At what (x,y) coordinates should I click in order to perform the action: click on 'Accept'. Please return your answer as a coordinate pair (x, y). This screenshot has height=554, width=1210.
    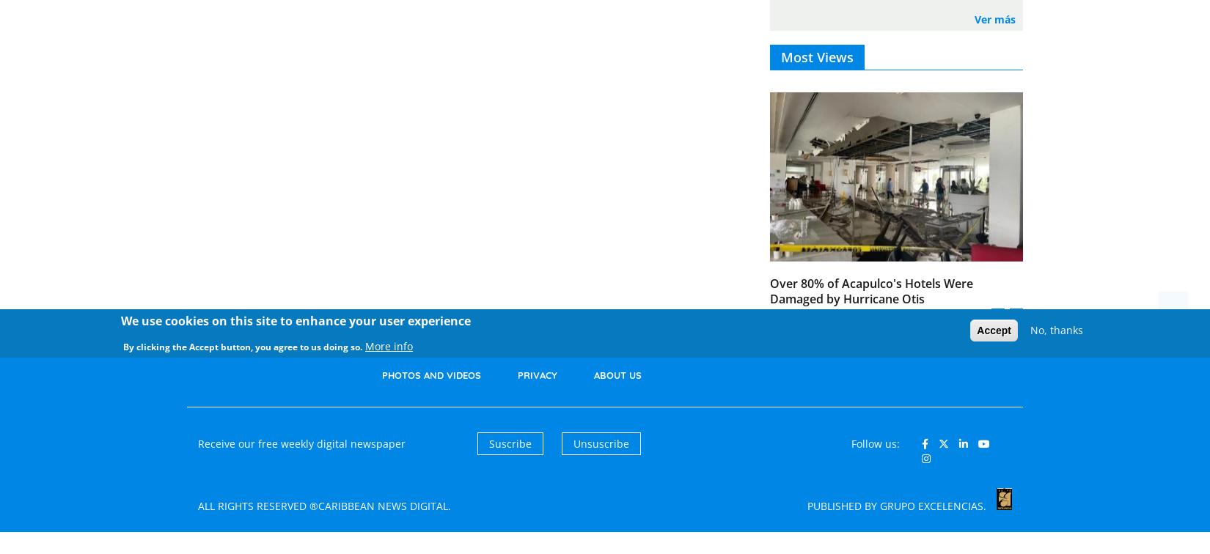
    Looking at the image, I should click on (976, 330).